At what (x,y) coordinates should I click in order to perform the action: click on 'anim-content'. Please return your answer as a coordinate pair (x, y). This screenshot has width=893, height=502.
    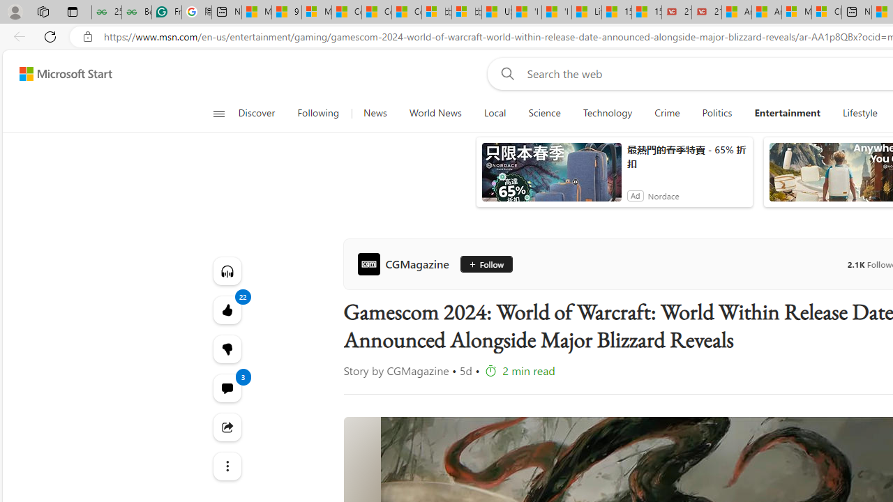
    Looking at the image, I should click on (550, 177).